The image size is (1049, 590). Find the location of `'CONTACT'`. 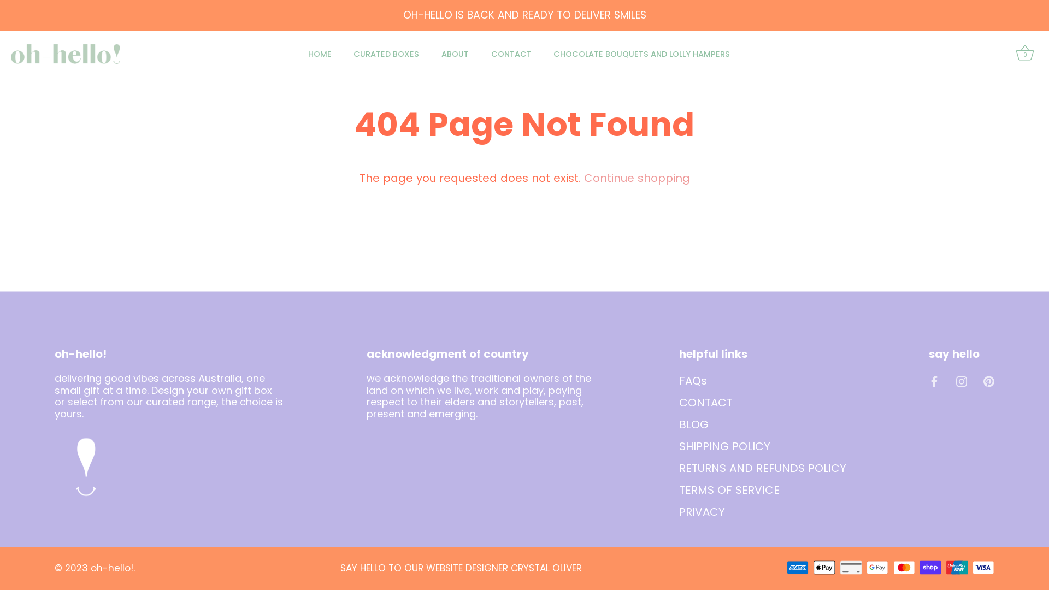

'CONTACT' is located at coordinates (510, 54).